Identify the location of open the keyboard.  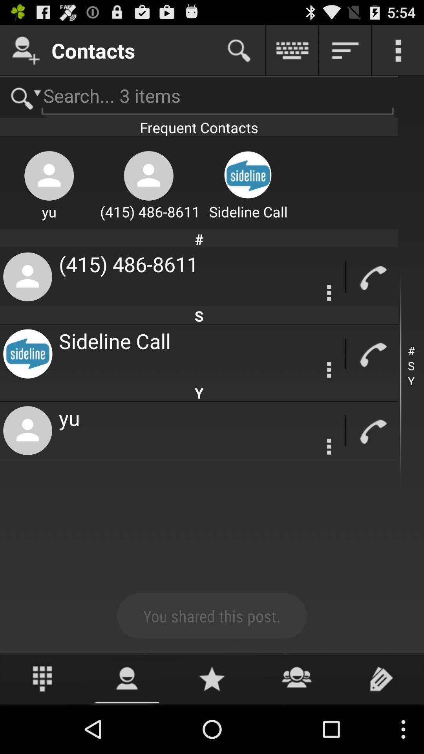
(292, 50).